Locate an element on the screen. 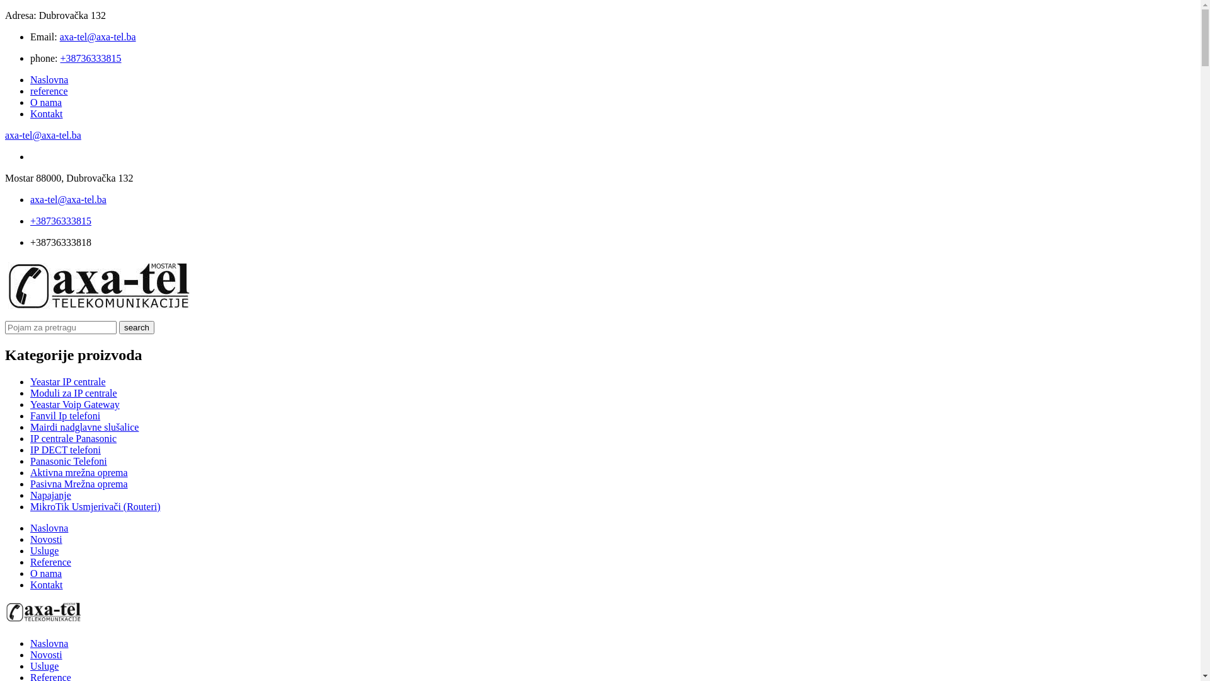  'Panasonic Telefoni' is located at coordinates (68, 461).